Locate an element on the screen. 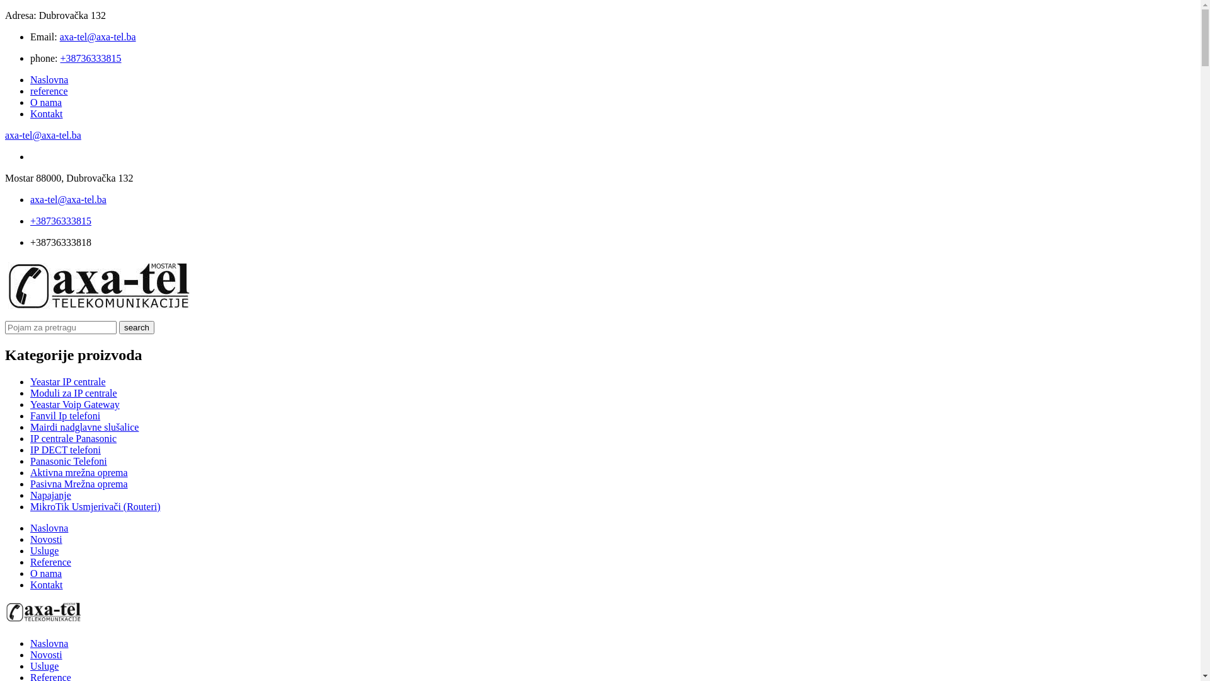  'Panasonic Telefoni' is located at coordinates (68, 461).